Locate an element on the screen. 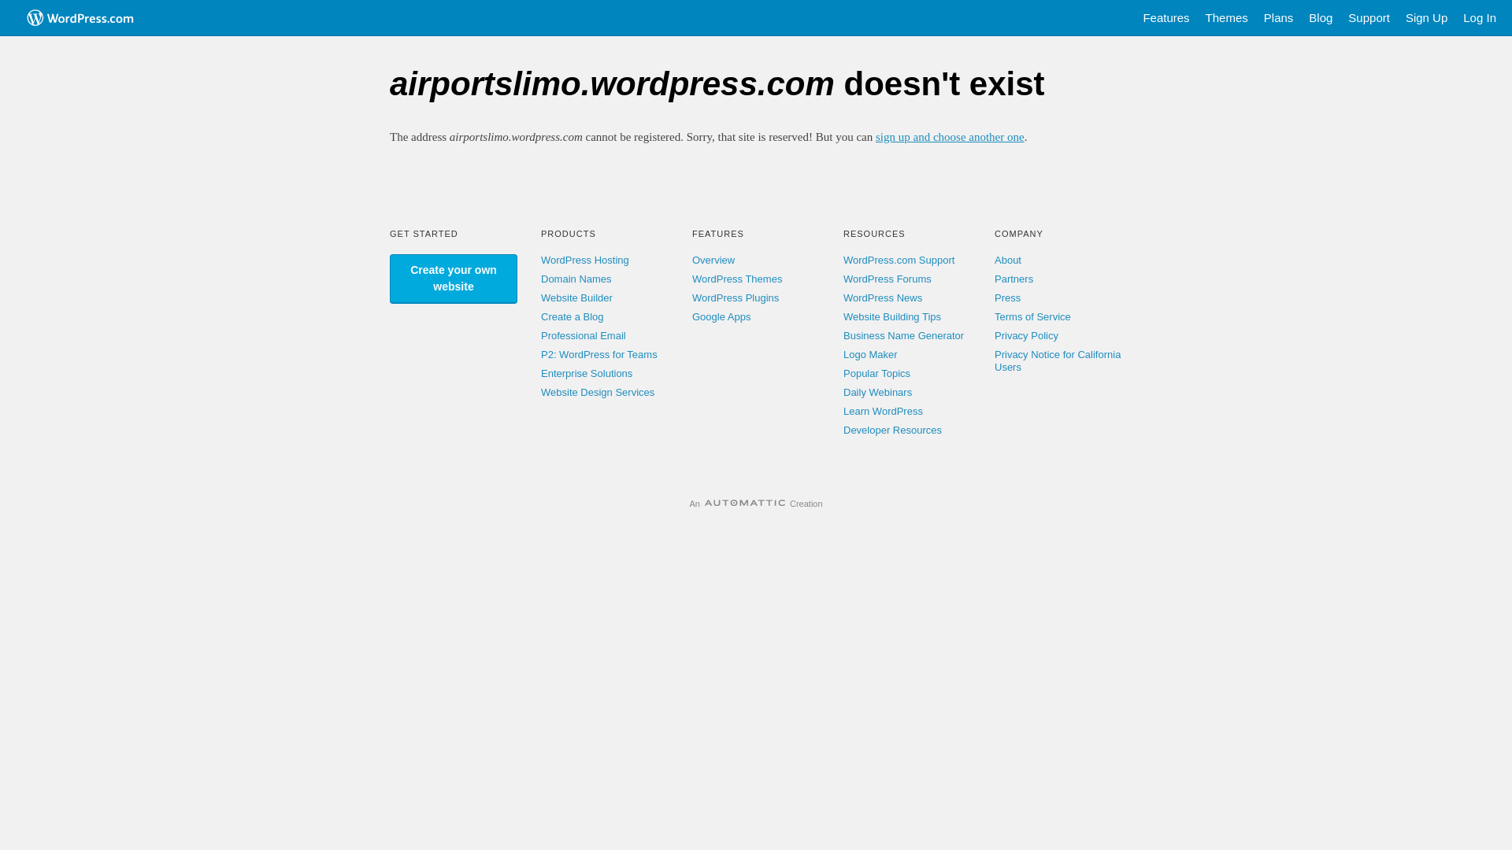  'Create your own website' is located at coordinates (453, 278).